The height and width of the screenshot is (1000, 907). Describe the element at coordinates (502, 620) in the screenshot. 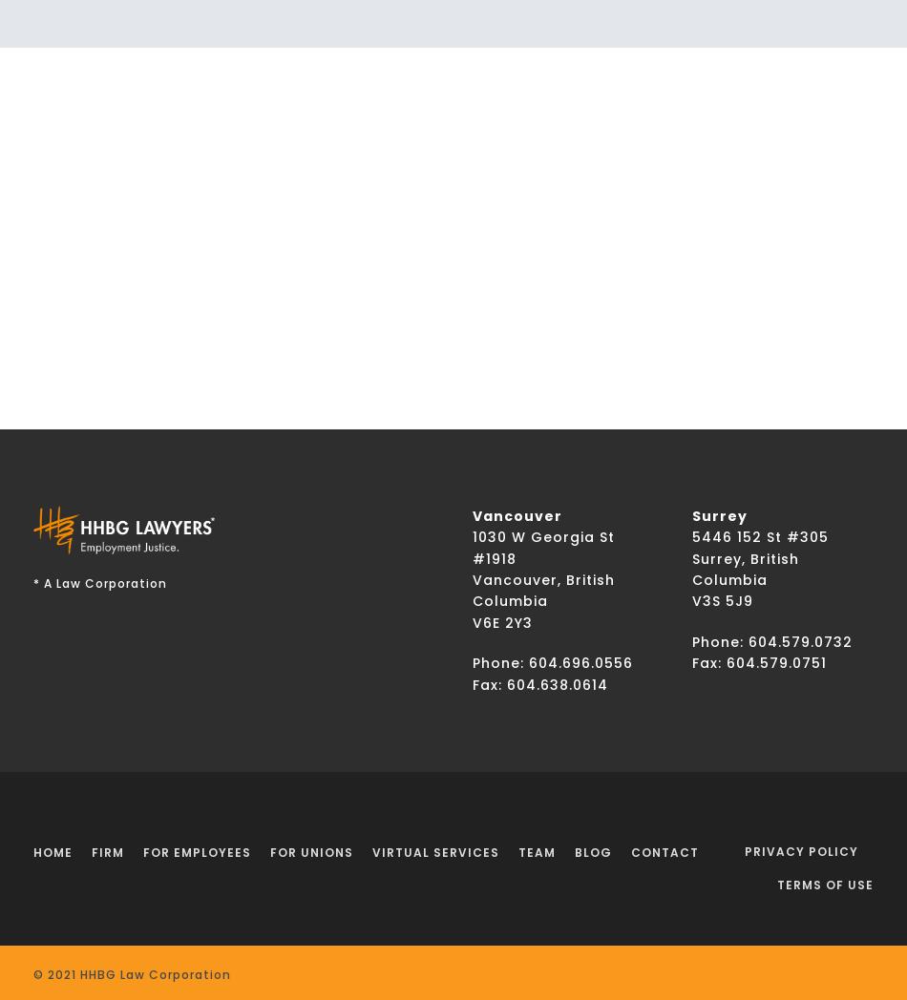

I see `'V6E 2Y3'` at that location.